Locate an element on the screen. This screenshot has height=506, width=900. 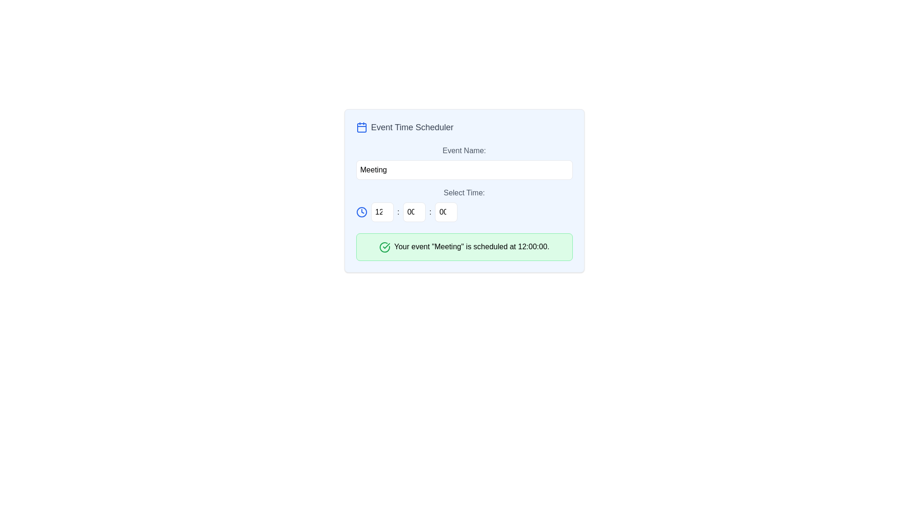
the outer boundary circle of the clock icon located to the left of the '12' dropdown input is located at coordinates (361, 212).